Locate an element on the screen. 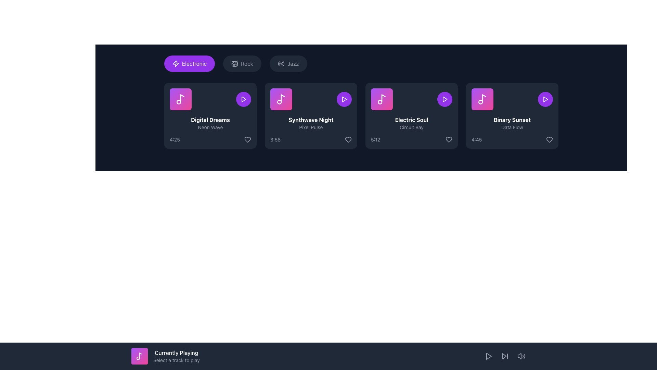  the play button for the 'Synthwave Night' track by 'Pixel Pulse' is located at coordinates (344, 99).